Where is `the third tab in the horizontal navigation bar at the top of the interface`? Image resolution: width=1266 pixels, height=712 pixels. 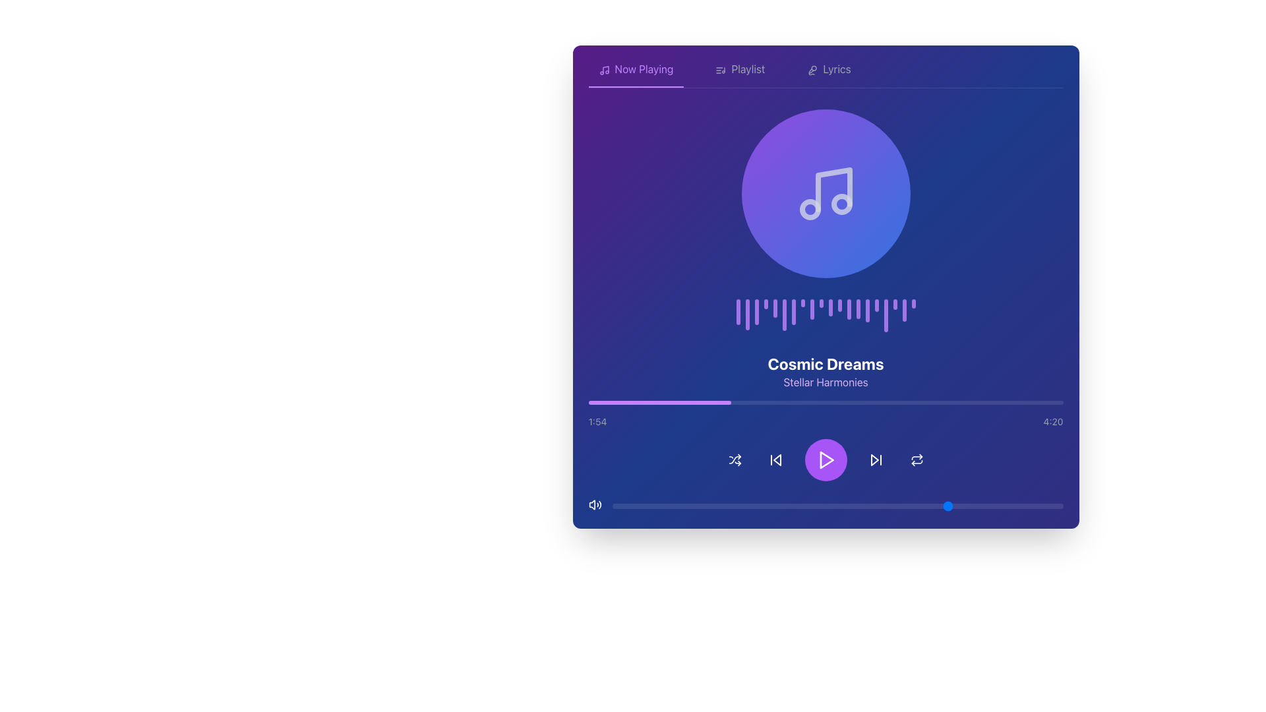
the third tab in the horizontal navigation bar at the top of the interface is located at coordinates (825, 74).